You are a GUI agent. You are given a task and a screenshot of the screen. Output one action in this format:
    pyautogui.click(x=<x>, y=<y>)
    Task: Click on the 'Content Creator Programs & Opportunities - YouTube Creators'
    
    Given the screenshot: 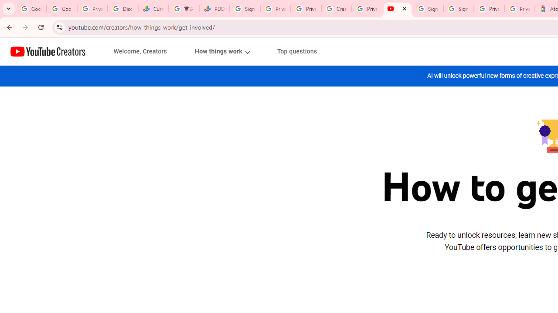 What is the action you would take?
    pyautogui.click(x=397, y=9)
    